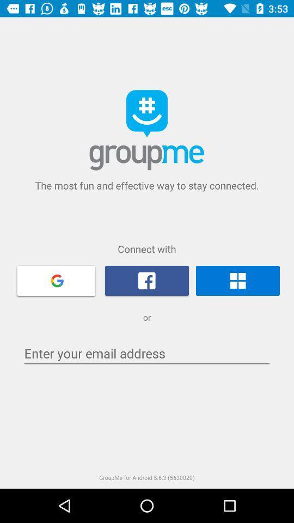 The image size is (294, 523). I want to click on e-mail input, so click(147, 353).